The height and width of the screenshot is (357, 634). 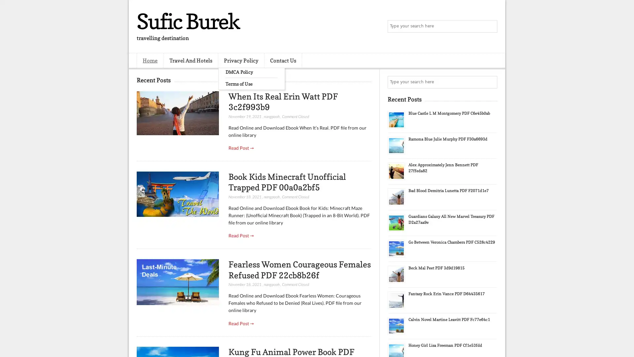 I want to click on Search, so click(x=490, y=82).